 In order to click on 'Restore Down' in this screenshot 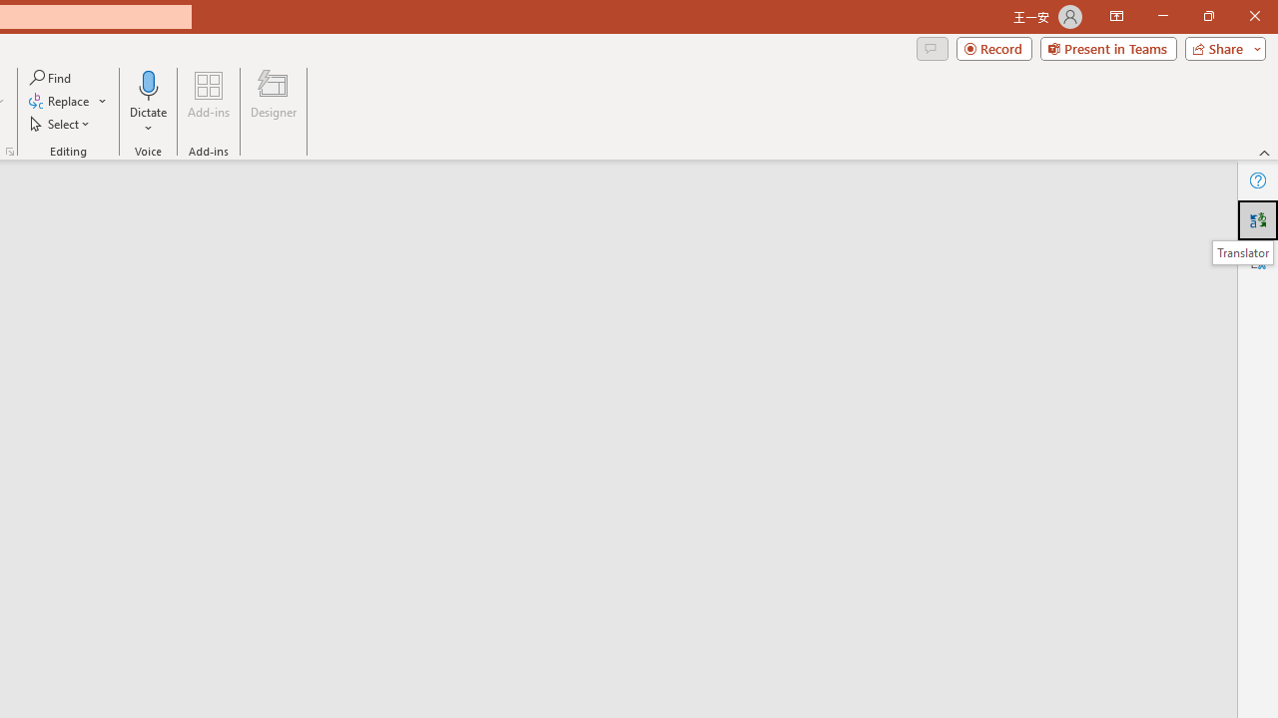, I will do `click(1207, 16)`.